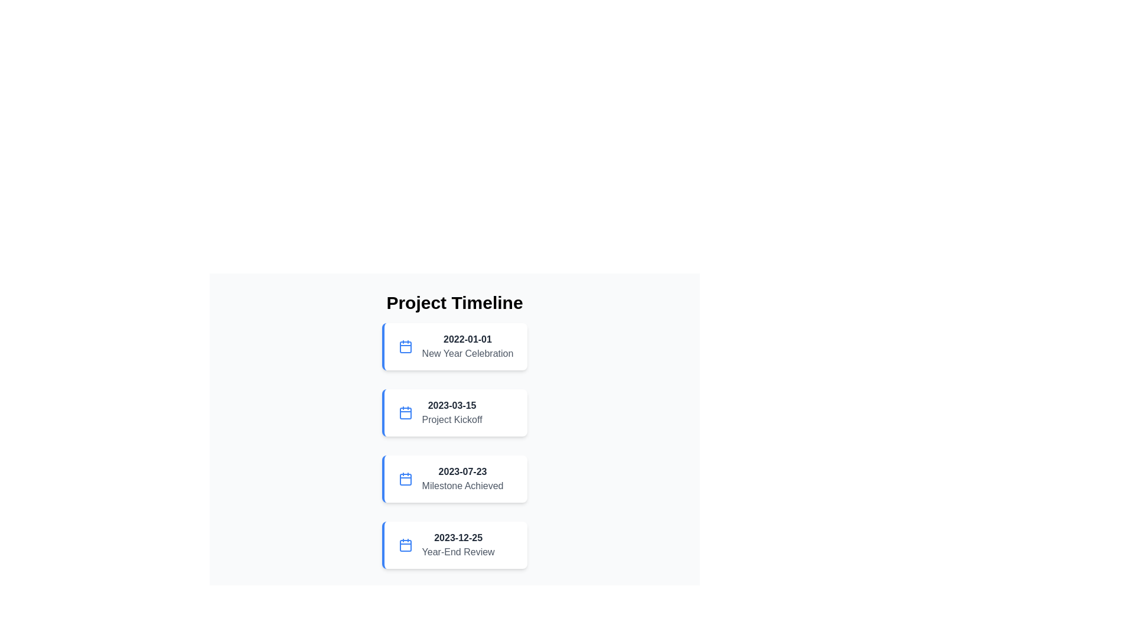 The width and height of the screenshot is (1134, 638). What do you see at coordinates (455, 412) in the screenshot?
I see `the event date and title composite element displaying '2023-03-15' and 'Project Kickoff', which is the second entry in the vertical list of event cards` at bounding box center [455, 412].